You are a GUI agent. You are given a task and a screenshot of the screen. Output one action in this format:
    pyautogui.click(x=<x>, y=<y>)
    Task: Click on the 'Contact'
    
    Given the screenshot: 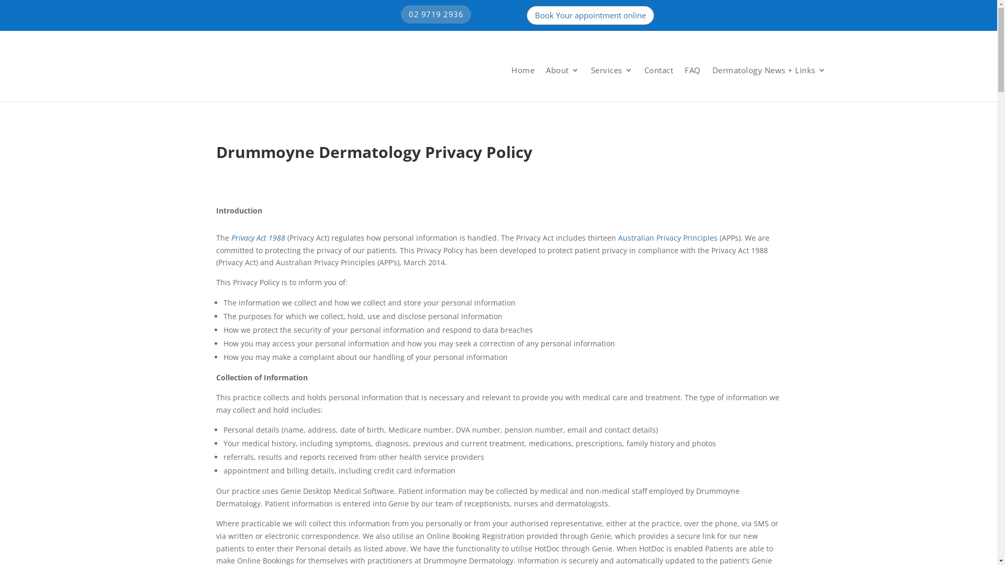 What is the action you would take?
    pyautogui.click(x=643, y=70)
    